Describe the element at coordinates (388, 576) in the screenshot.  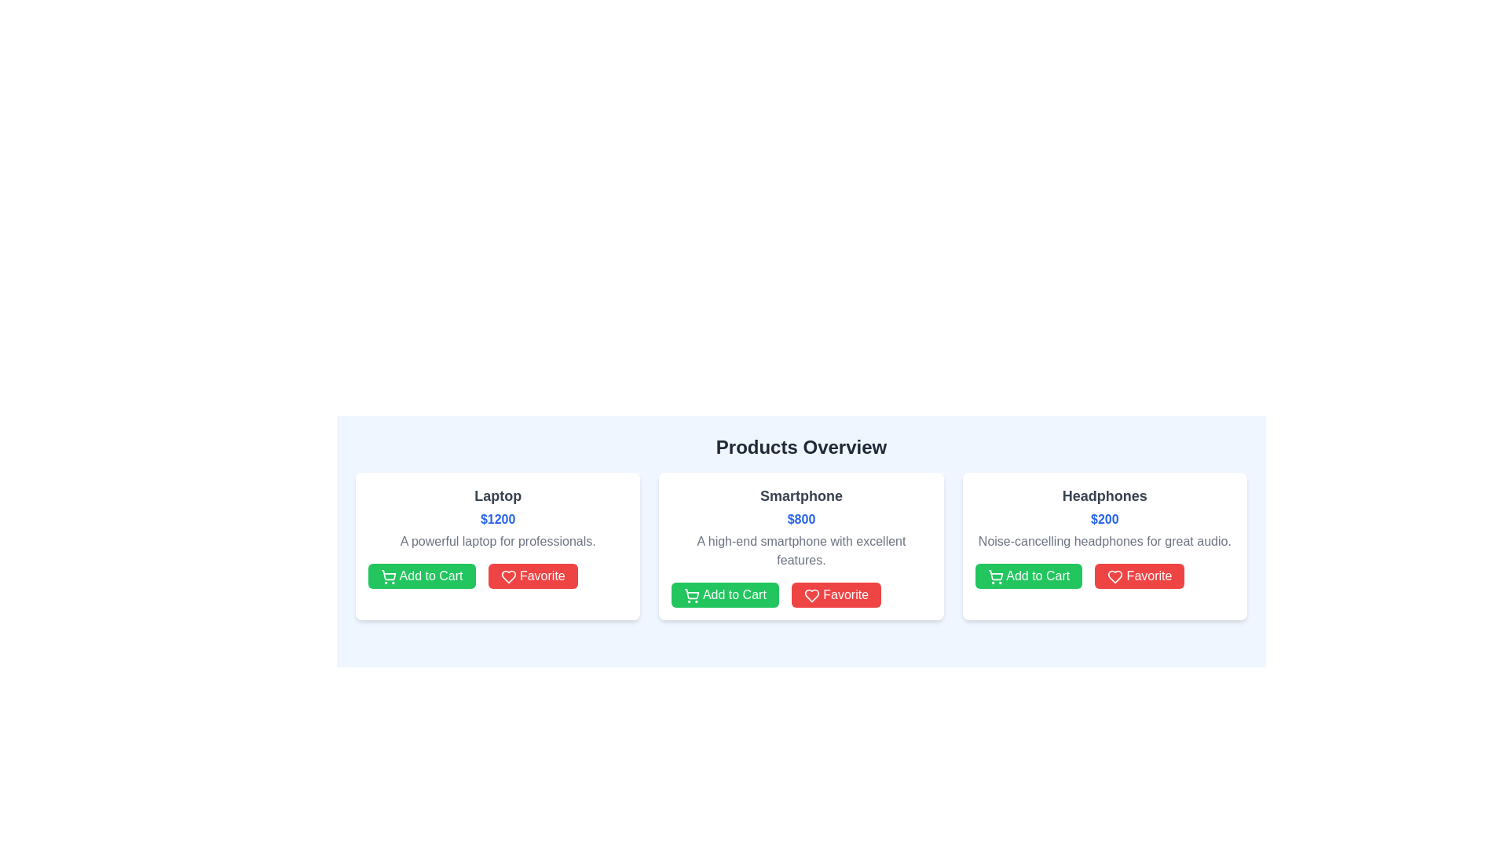
I see `the green 'Add to Cart' button that contains the shopping cart icon` at that location.